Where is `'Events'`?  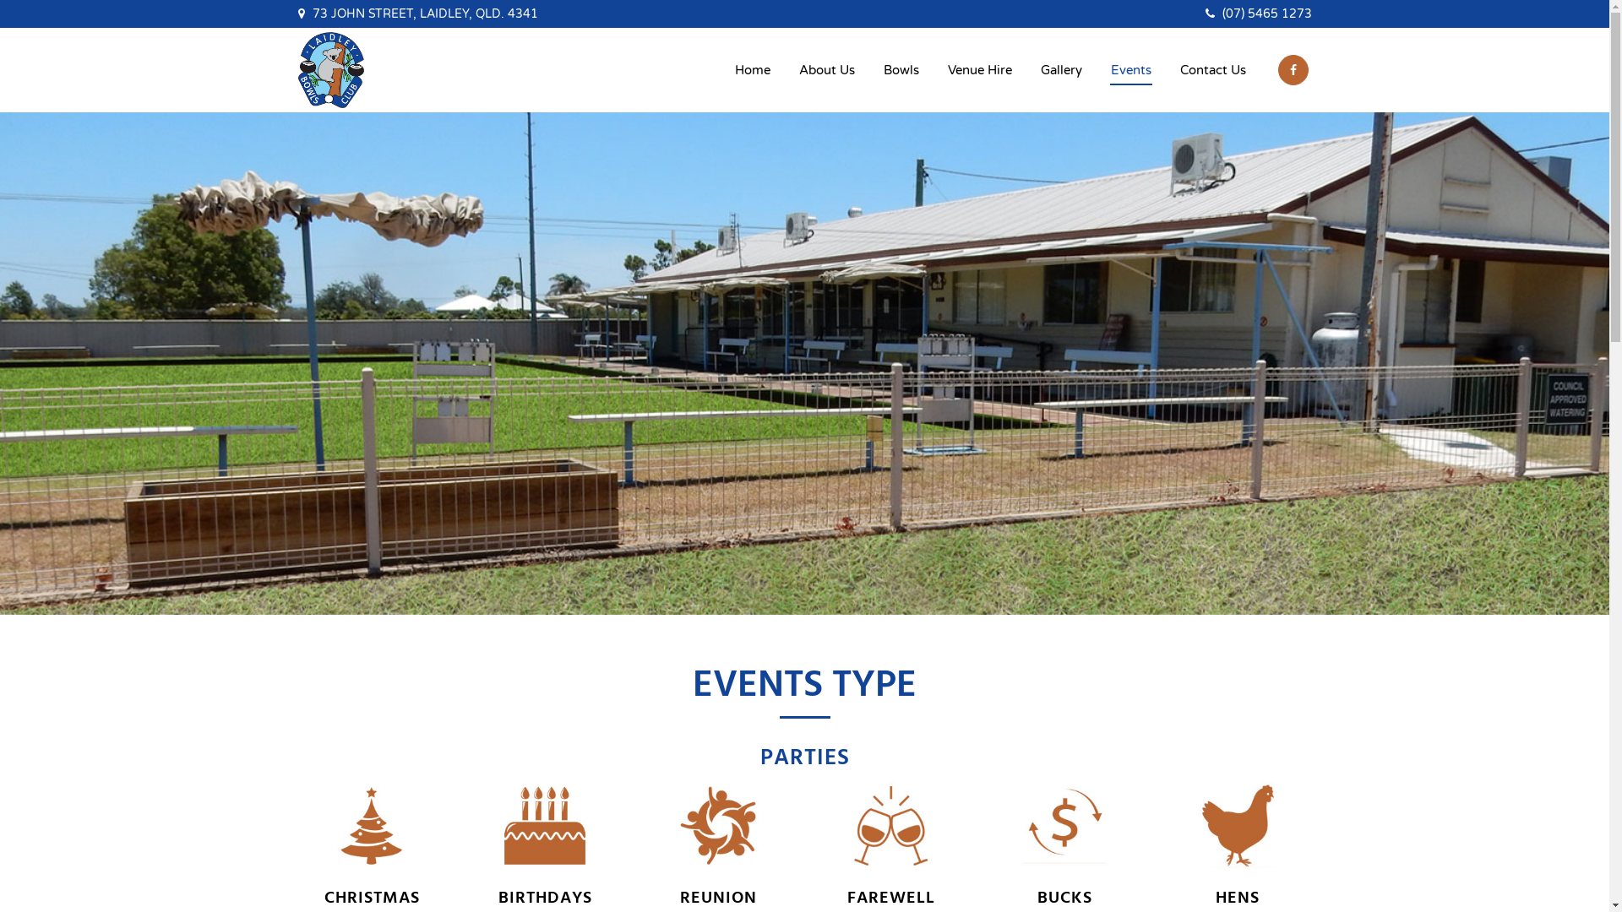 'Events' is located at coordinates (1131, 69).